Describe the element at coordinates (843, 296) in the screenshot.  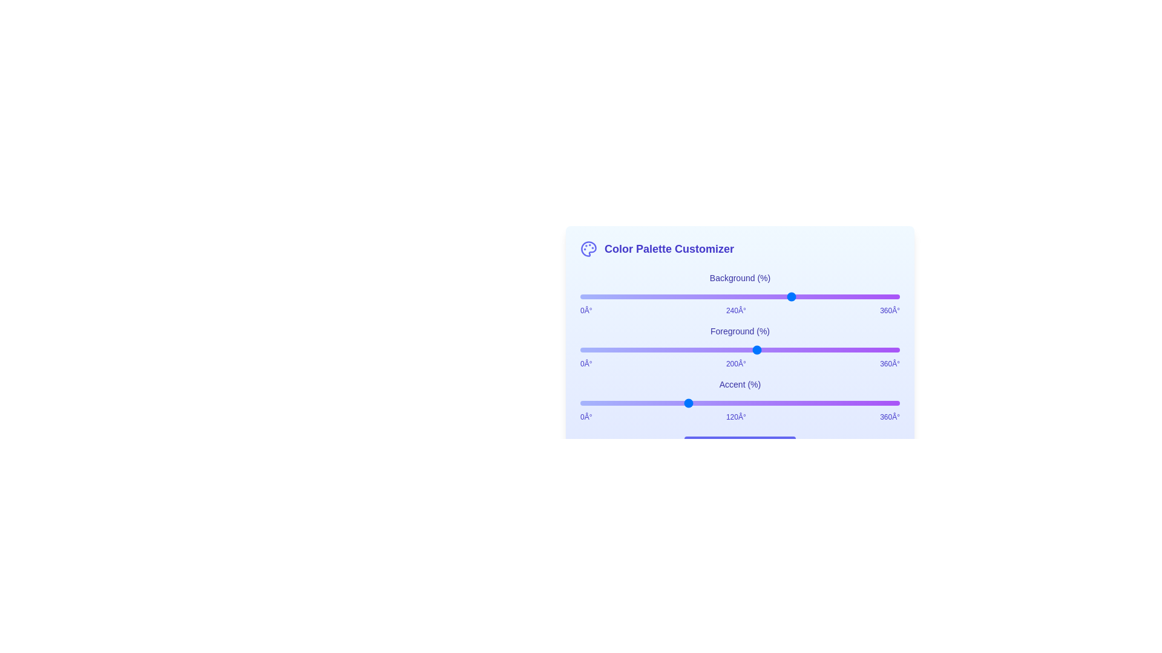
I see `the background color slider to set the hue to 297 degrees` at that location.